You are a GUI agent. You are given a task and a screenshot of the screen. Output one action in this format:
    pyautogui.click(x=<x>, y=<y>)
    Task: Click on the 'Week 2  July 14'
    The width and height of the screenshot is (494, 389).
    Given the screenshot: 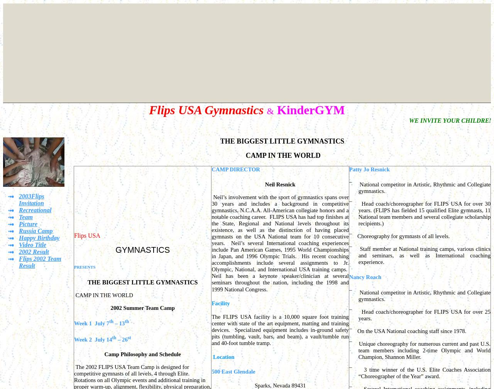 What is the action you would take?
    pyautogui.click(x=93, y=339)
    